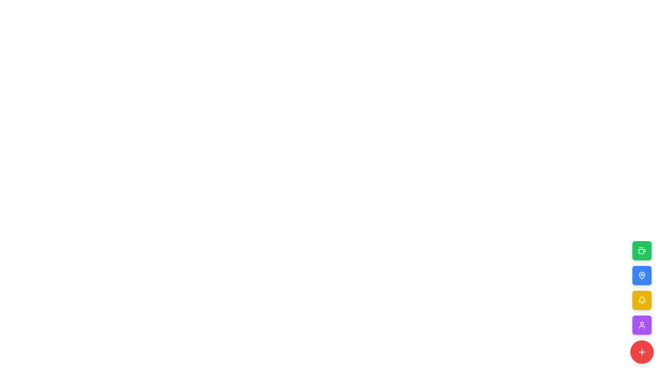 This screenshot has height=372, width=662. Describe the element at coordinates (642, 352) in the screenshot. I see `the plus icon button with a red circular background located at the bottom of the stack of buttons on the right side of the interface` at that location.